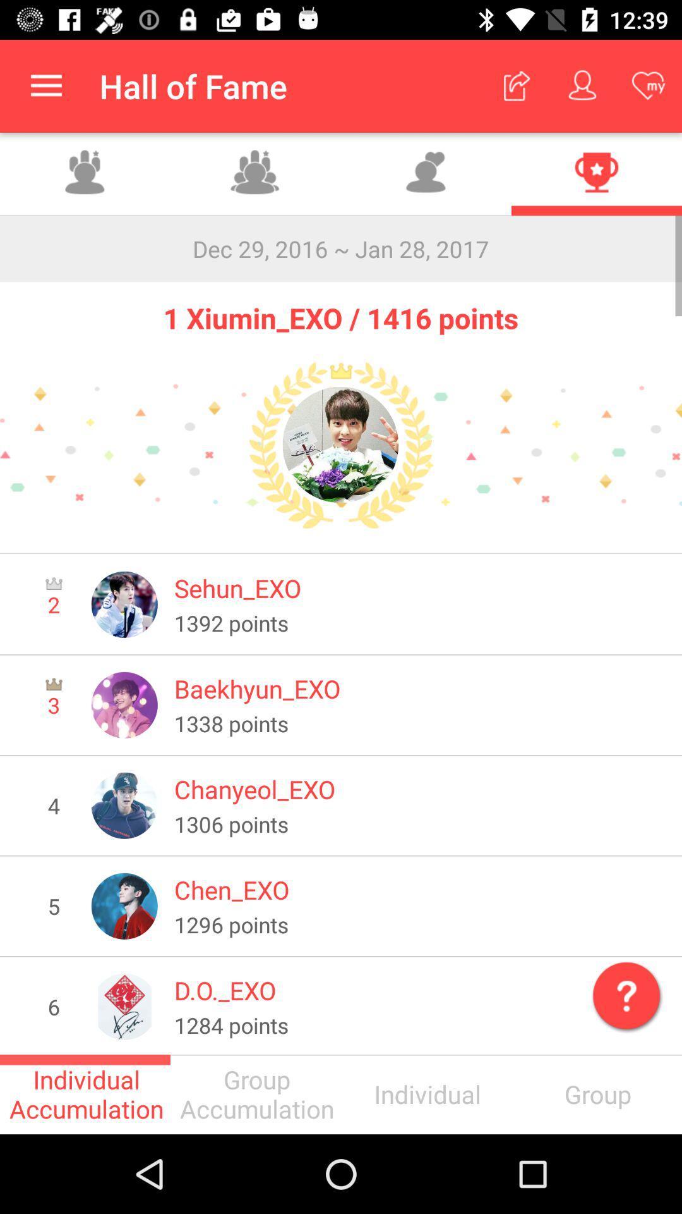 The width and height of the screenshot is (682, 1214). Describe the element at coordinates (53, 905) in the screenshot. I see `5 item` at that location.